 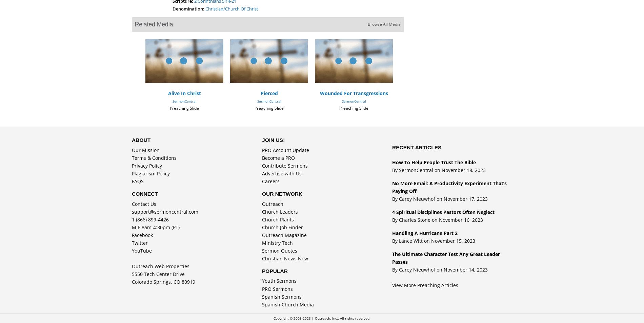 What do you see at coordinates (163, 282) in the screenshot?
I see `'Colorado Springs, CO 80919'` at bounding box center [163, 282].